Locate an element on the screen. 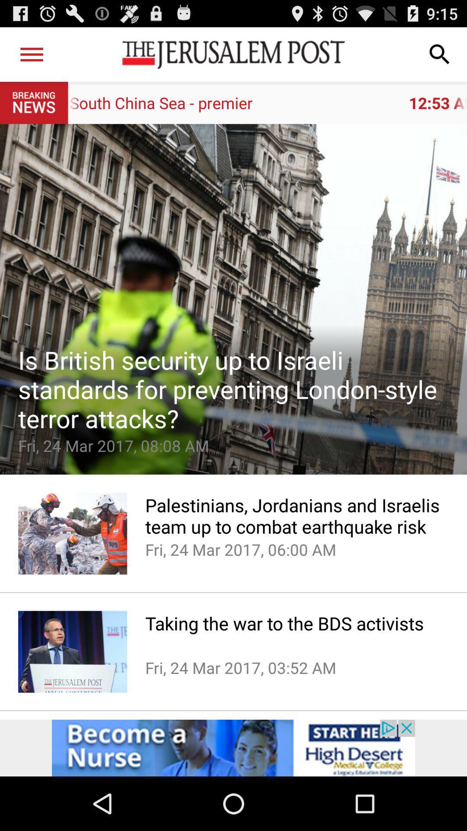  creat message is located at coordinates (233, 299).